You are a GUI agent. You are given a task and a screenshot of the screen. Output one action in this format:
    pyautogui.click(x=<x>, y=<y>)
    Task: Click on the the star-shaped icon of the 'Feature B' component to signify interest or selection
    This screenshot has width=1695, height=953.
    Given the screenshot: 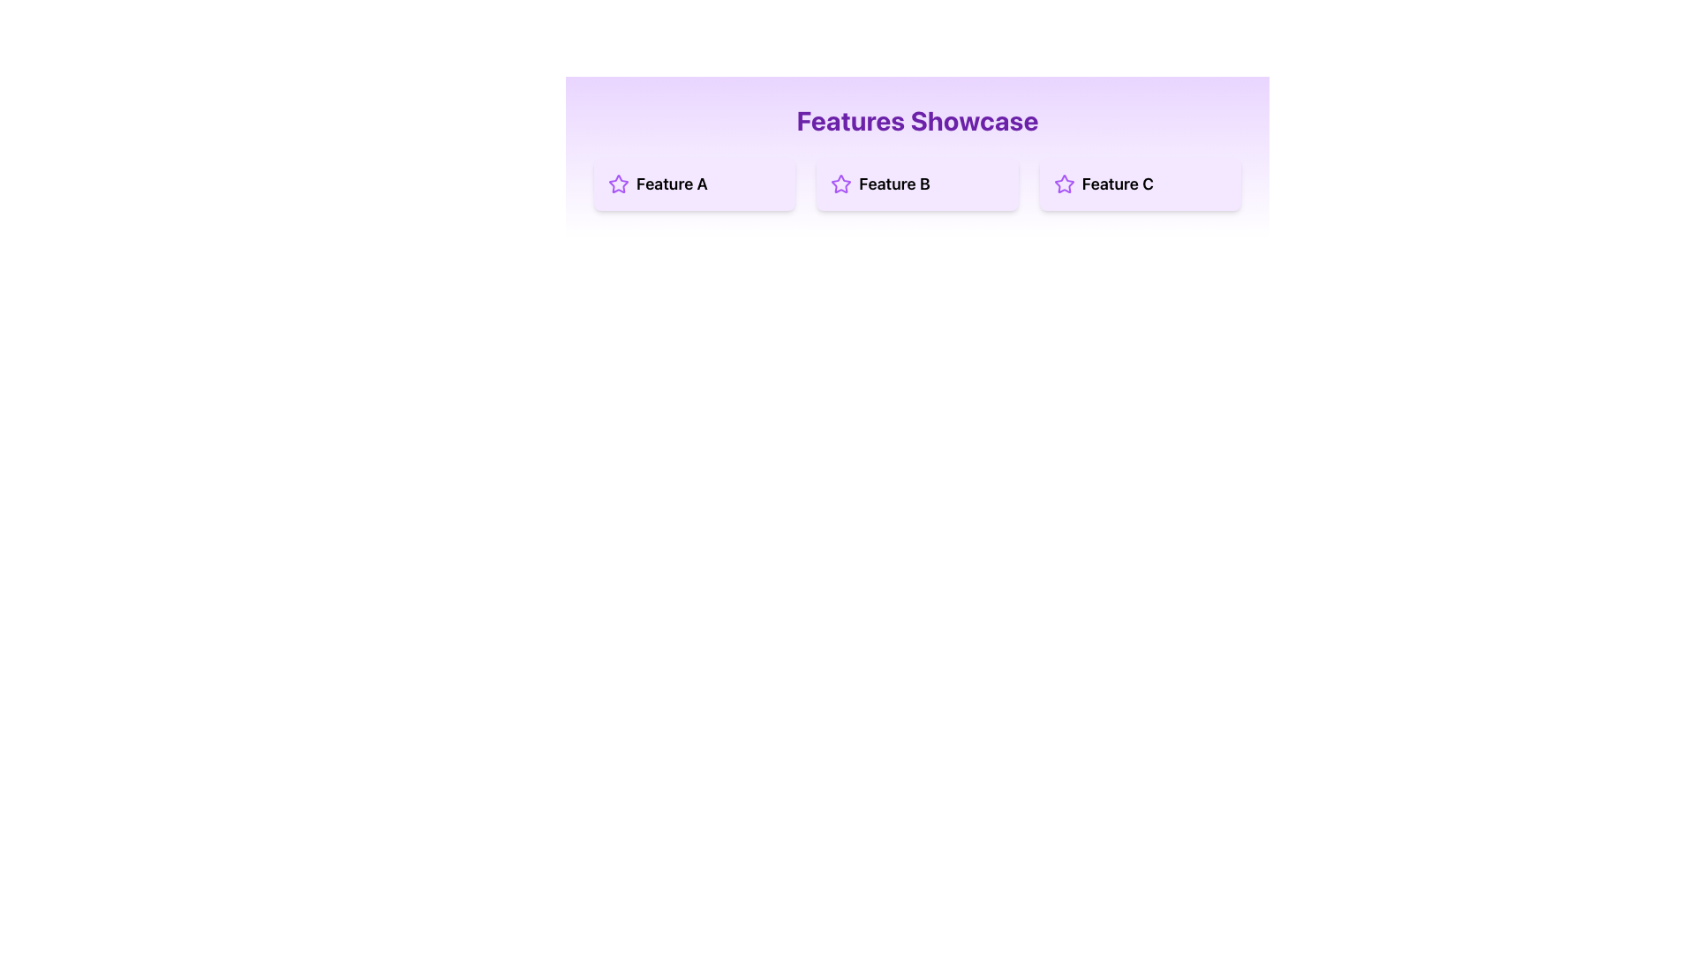 What is the action you would take?
    pyautogui.click(x=917, y=184)
    